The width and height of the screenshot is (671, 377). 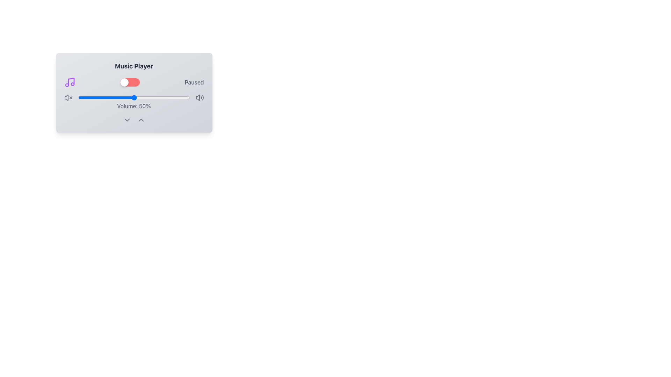 I want to click on the downward-pointing arrow icon located beneath the 'Volume: 50%' text on the music player interface, so click(x=127, y=119).